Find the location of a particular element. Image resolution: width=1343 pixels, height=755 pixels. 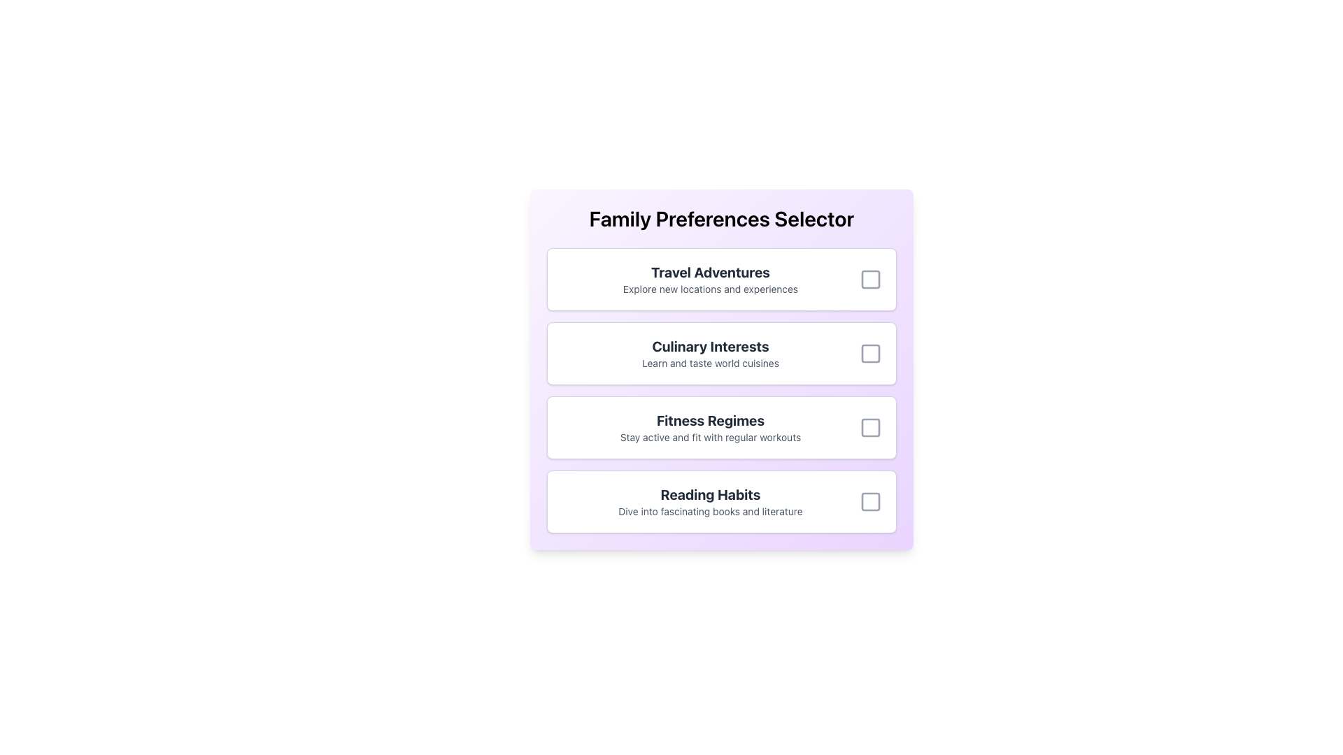

the Text label that serves as a heading for a selectable category, located above the descriptive text 'Explore new locations and experiences' is located at coordinates (711, 272).